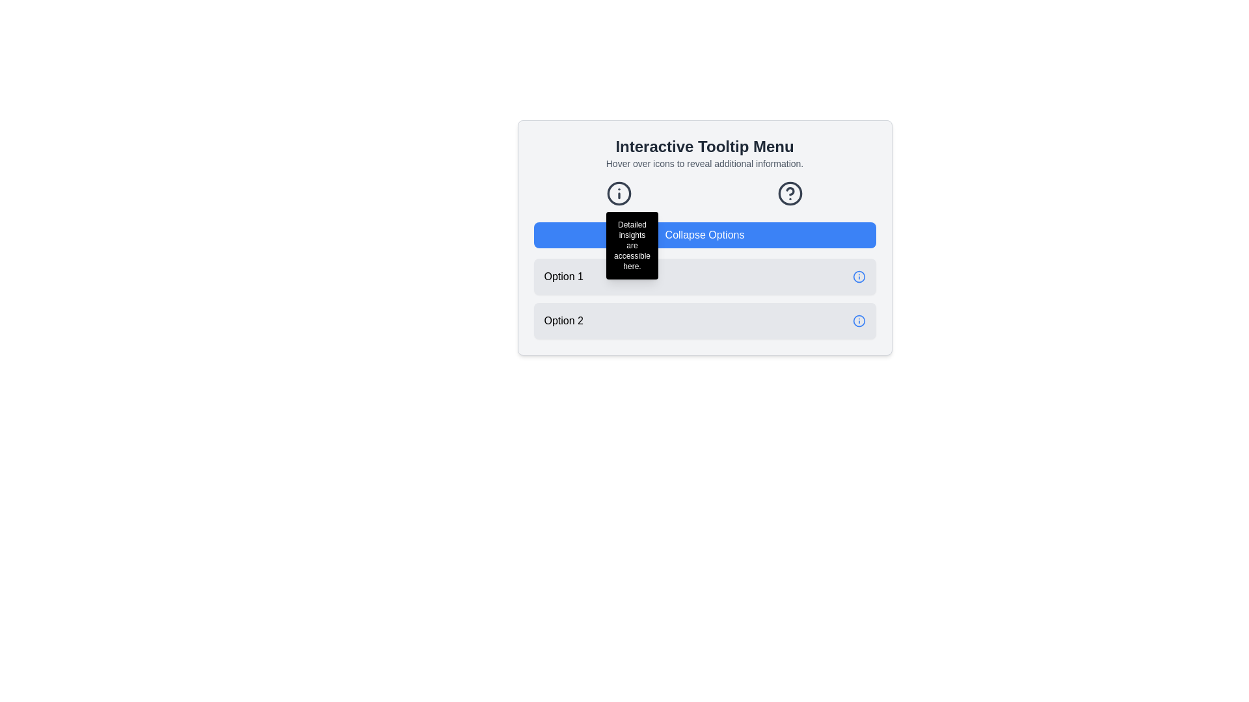 The image size is (1249, 702). I want to click on the decorative circle element that is part of the question mark icon in the title section of the interface, so click(789, 193).